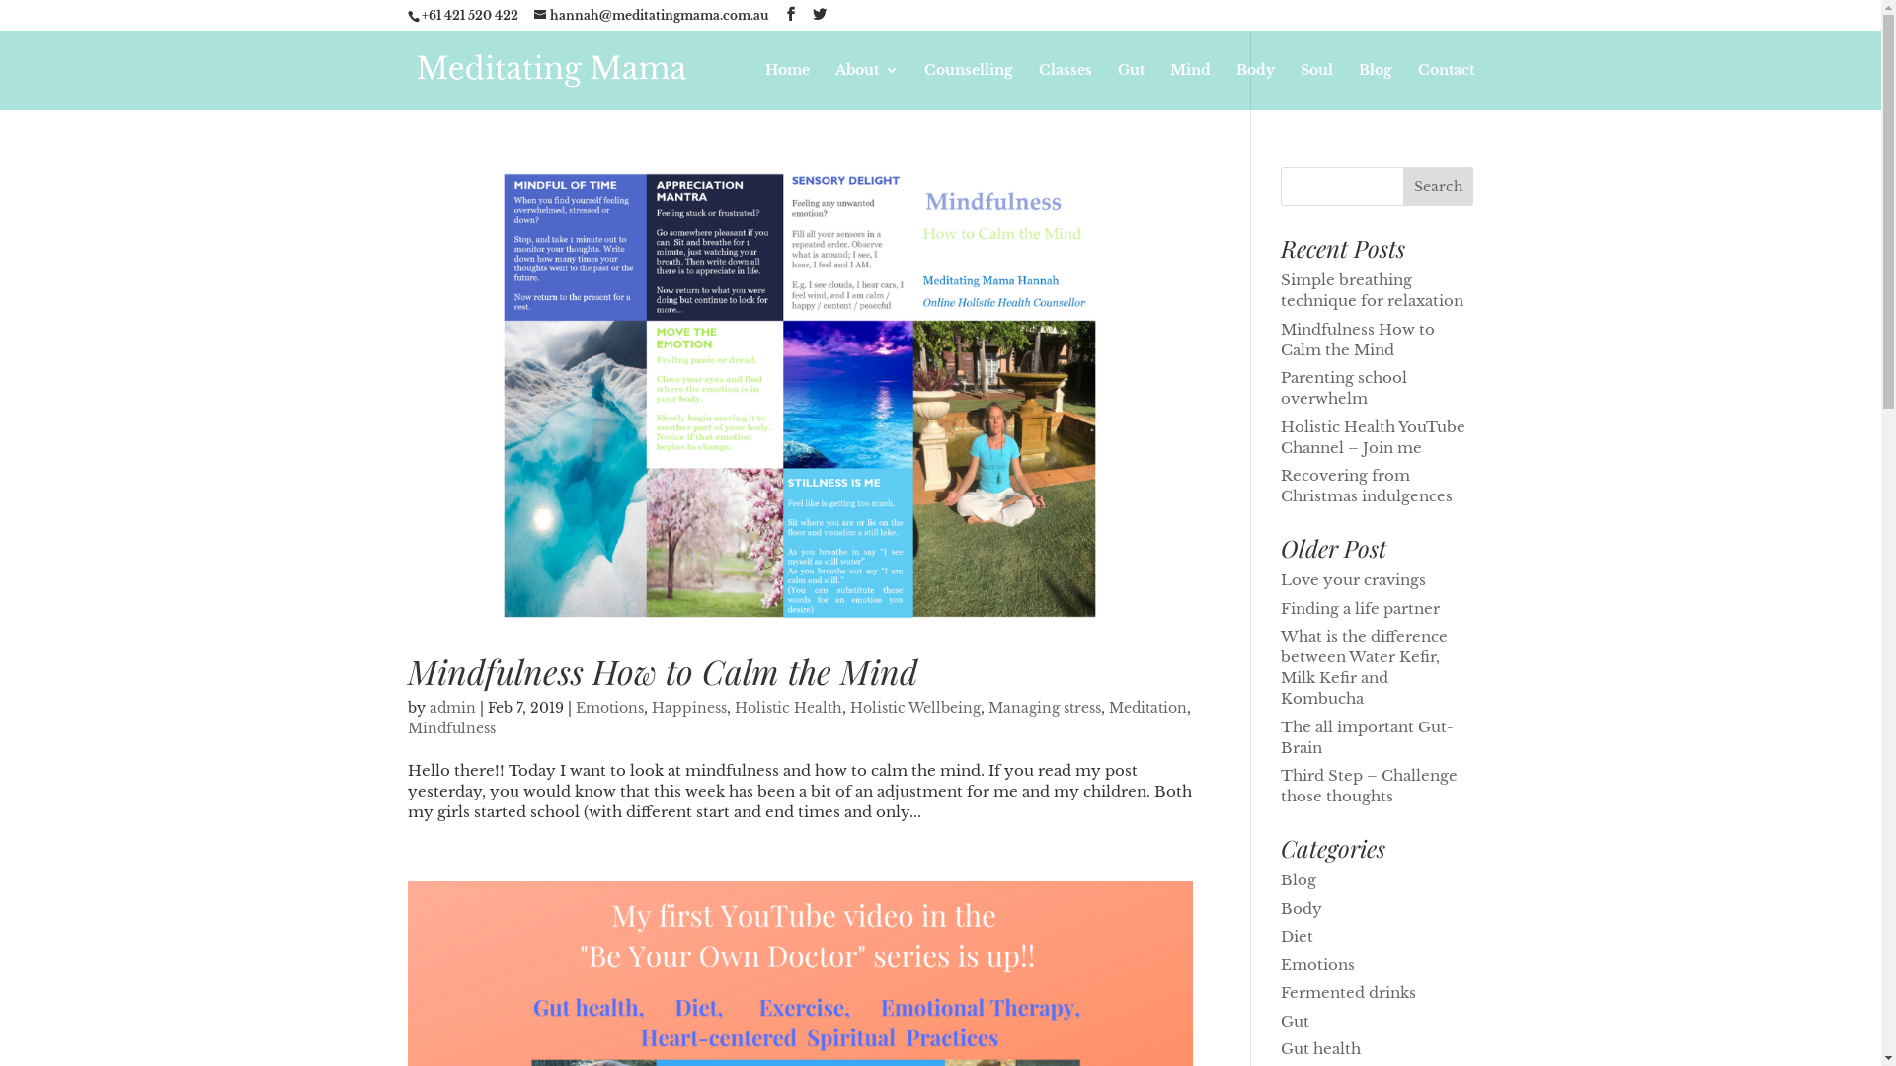  Describe the element at coordinates (785, 85) in the screenshot. I see `'Home'` at that location.